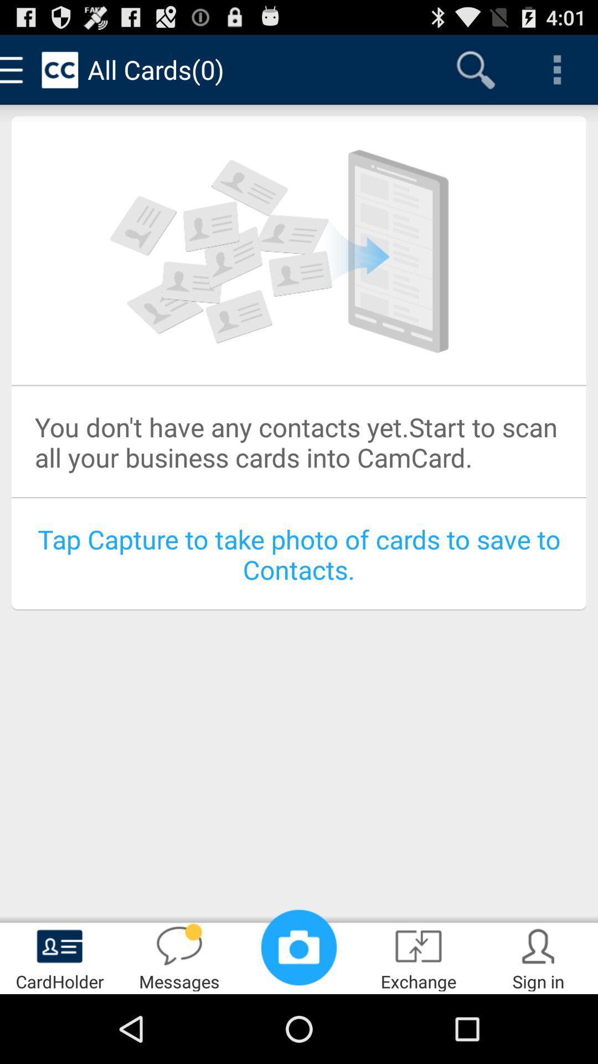  What do you see at coordinates (299, 947) in the screenshot?
I see `app next to exchange item` at bounding box center [299, 947].